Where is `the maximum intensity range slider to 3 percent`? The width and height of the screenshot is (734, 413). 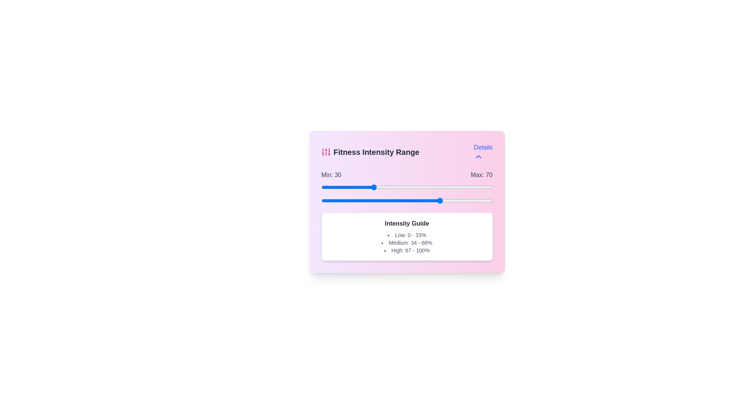 the maximum intensity range slider to 3 percent is located at coordinates (326, 200).